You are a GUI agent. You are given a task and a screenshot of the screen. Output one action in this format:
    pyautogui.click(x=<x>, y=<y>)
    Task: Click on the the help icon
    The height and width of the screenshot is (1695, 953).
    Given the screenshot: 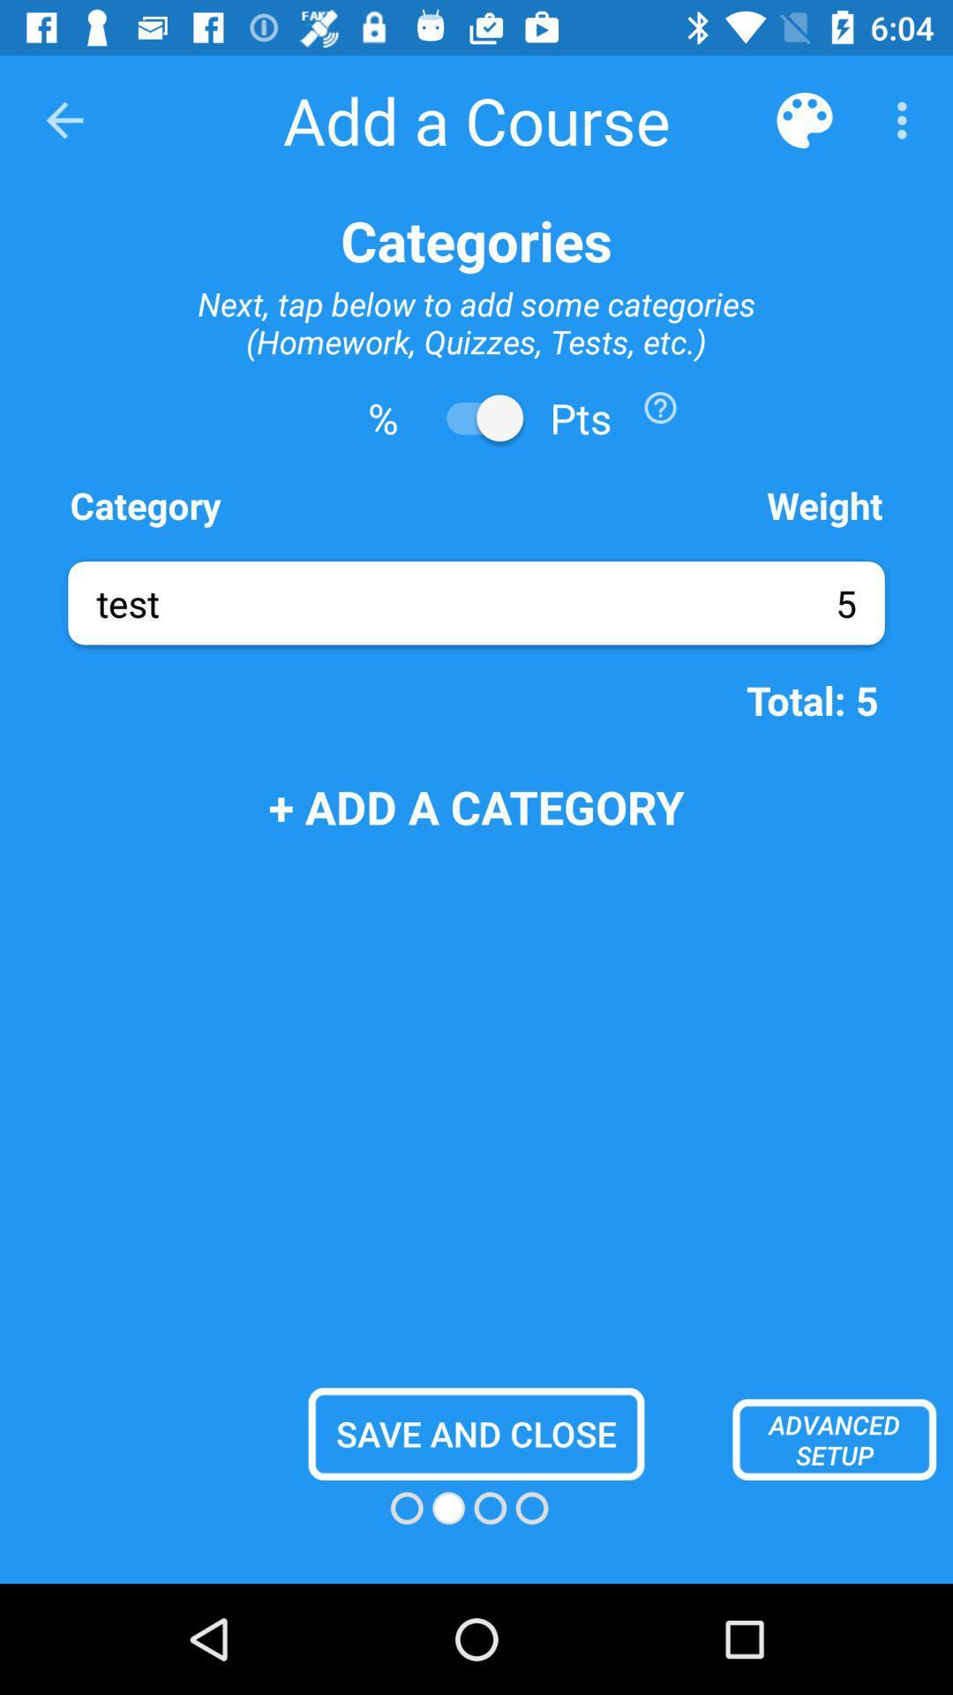 What is the action you would take?
    pyautogui.click(x=660, y=406)
    